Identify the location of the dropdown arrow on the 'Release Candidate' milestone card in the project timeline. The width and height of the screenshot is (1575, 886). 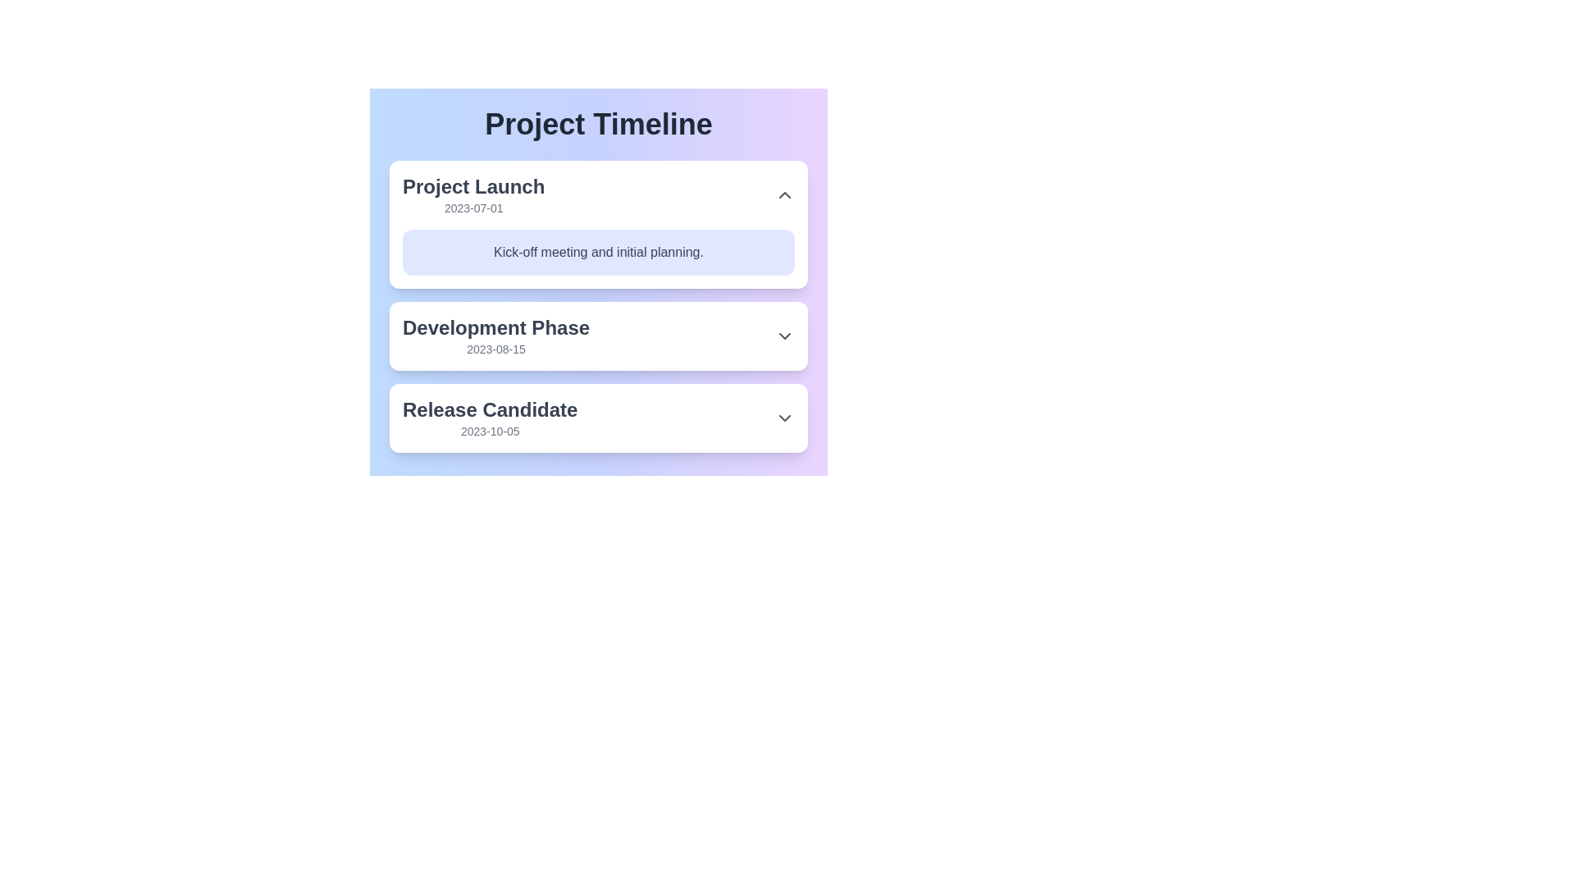
(597, 417).